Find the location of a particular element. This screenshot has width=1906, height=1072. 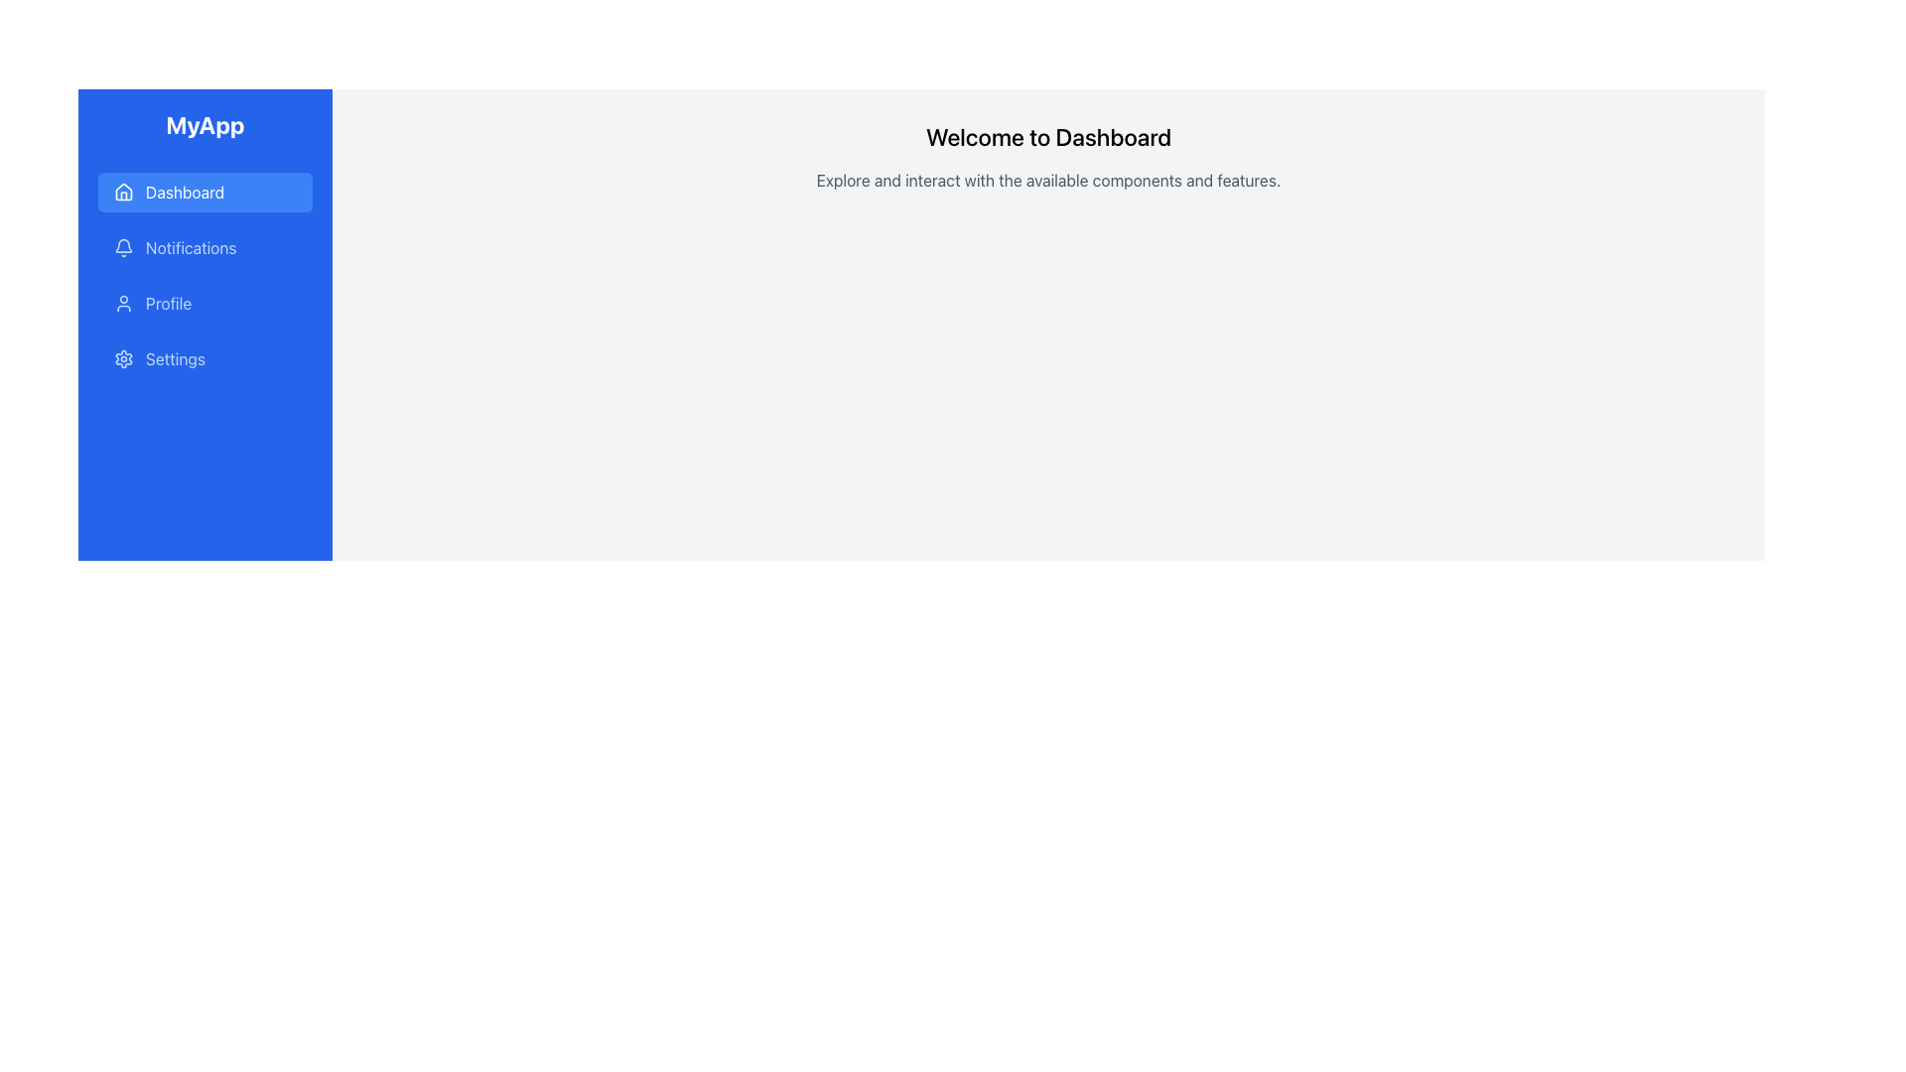

the text element displaying the phrase 'Explore and interact with the available components and features', which is located beneath the header 'Welcome to Dashboard' is located at coordinates (1047, 180).